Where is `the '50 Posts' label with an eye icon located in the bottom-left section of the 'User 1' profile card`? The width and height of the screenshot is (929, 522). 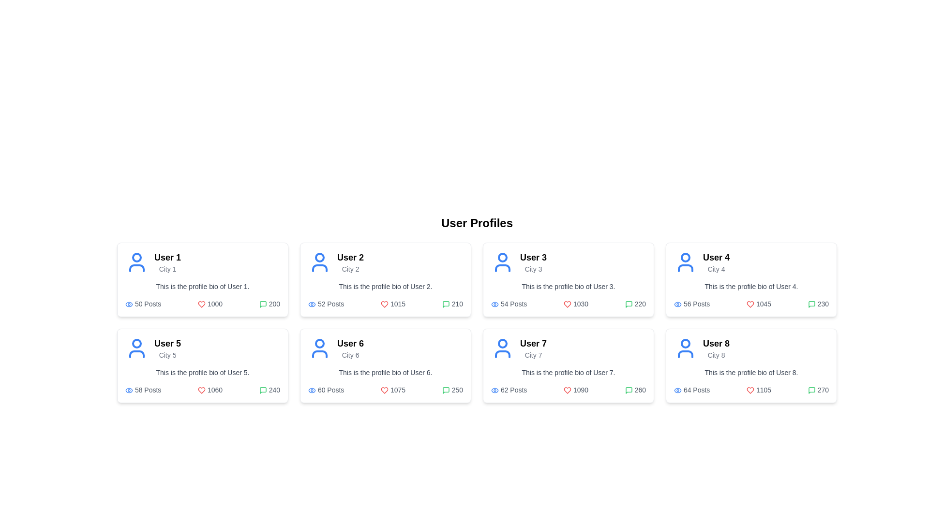
the '50 Posts' label with an eye icon located in the bottom-left section of the 'User 1' profile card is located at coordinates (143, 303).